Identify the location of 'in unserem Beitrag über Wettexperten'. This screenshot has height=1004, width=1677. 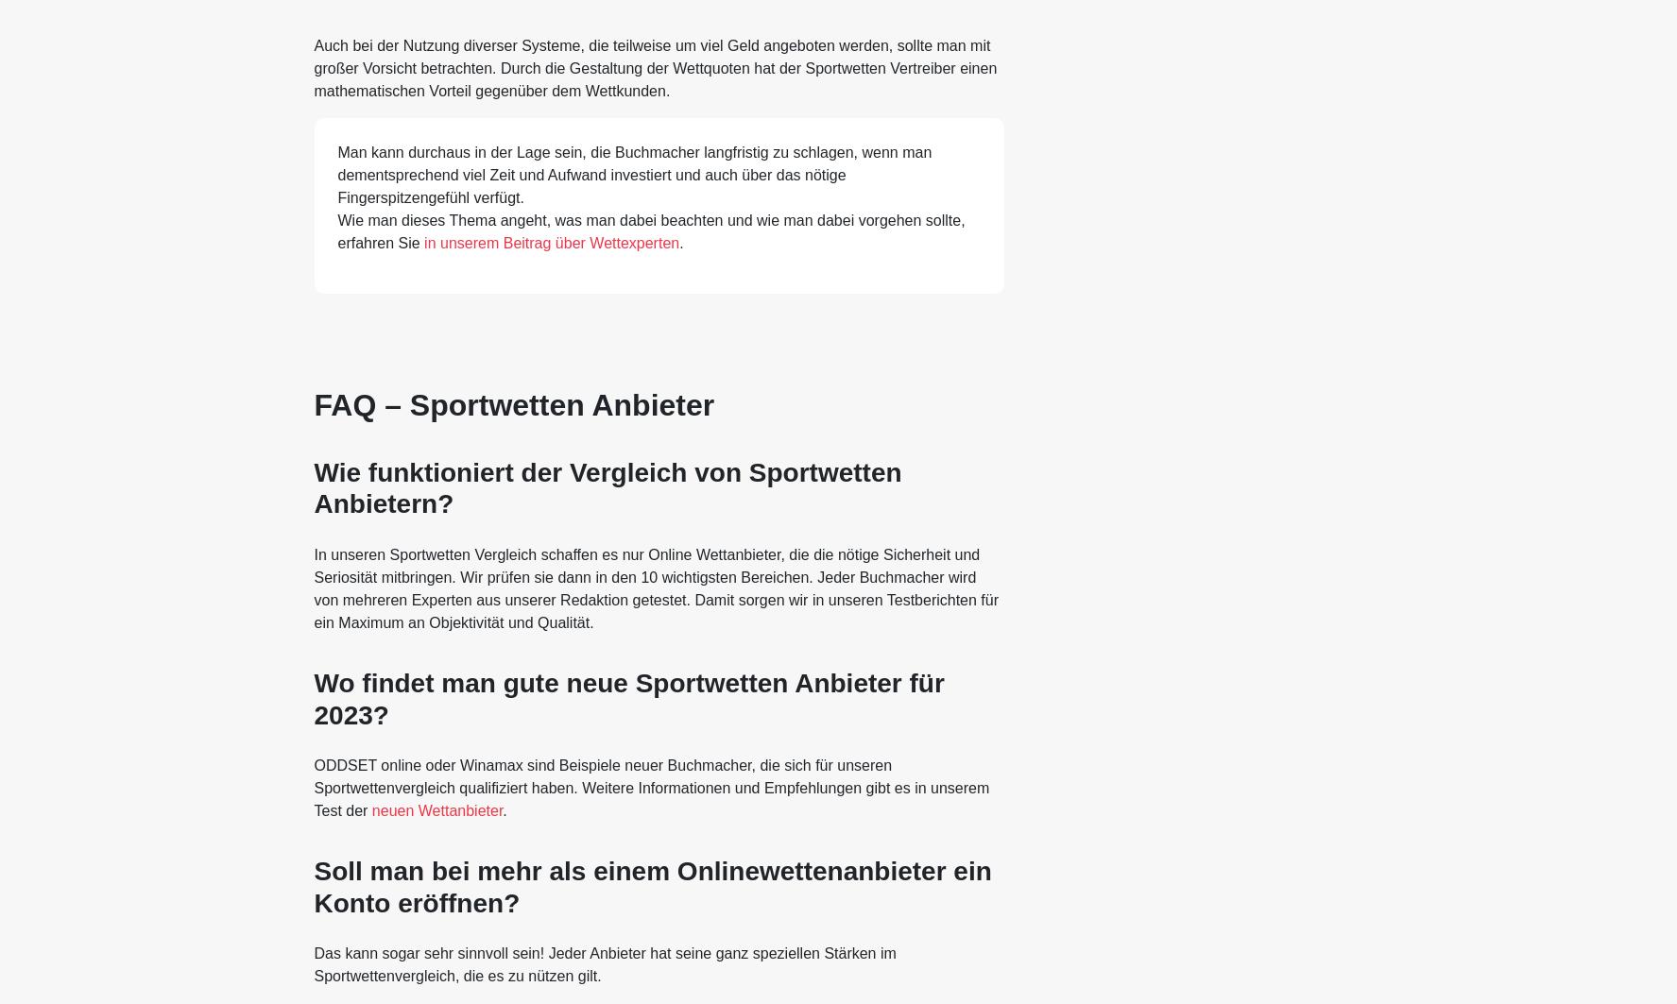
(551, 243).